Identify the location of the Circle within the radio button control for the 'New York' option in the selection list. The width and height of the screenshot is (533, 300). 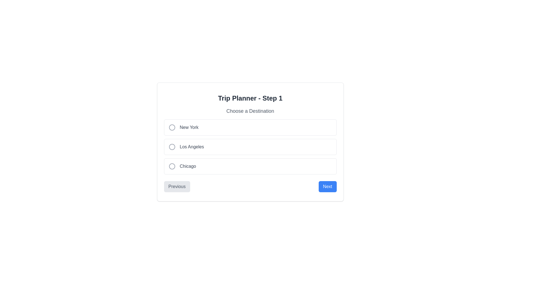
(172, 127).